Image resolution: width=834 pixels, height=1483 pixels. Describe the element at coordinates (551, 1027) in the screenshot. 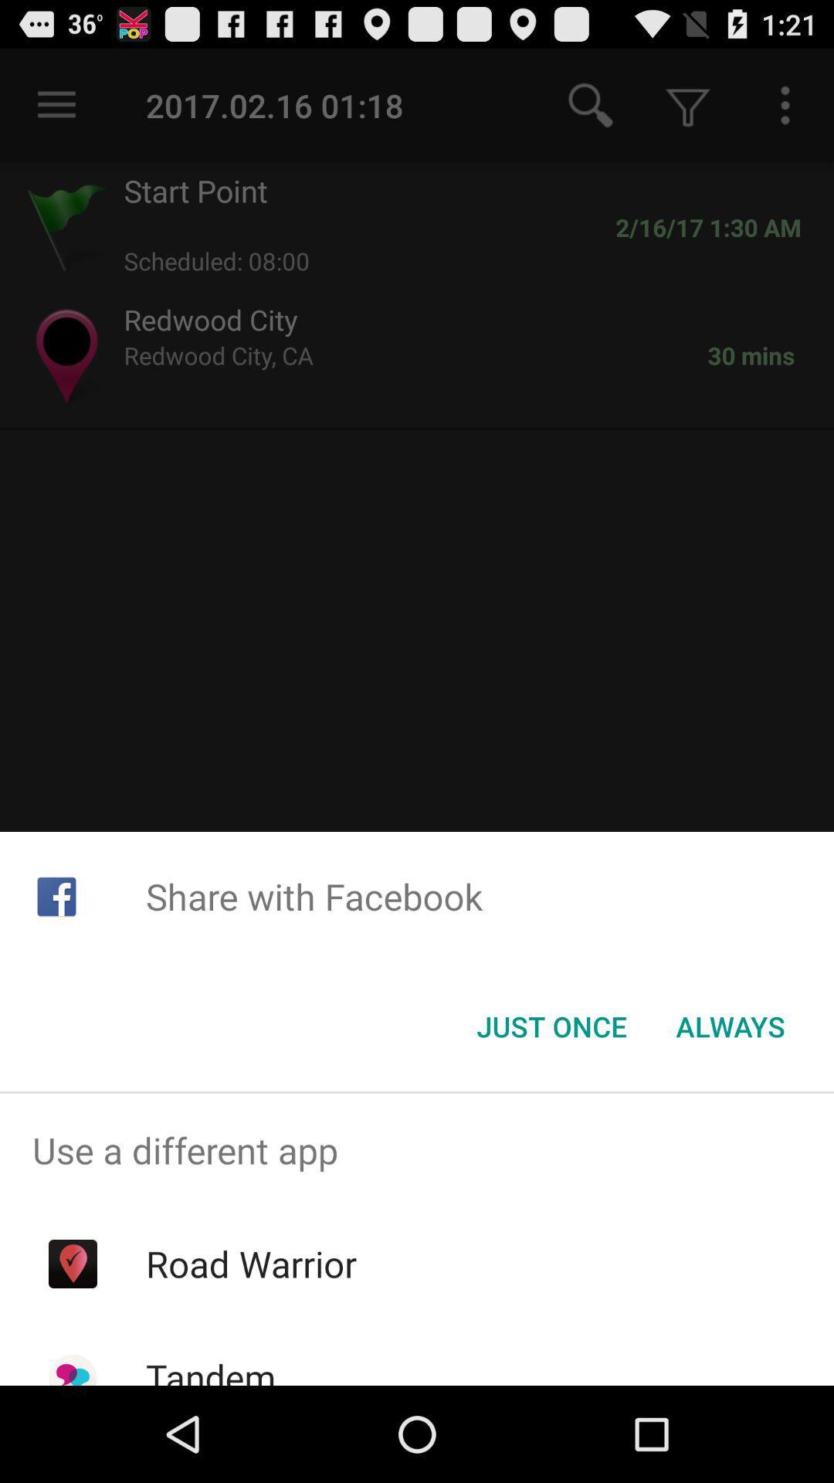

I see `the button to the left of the always icon` at that location.